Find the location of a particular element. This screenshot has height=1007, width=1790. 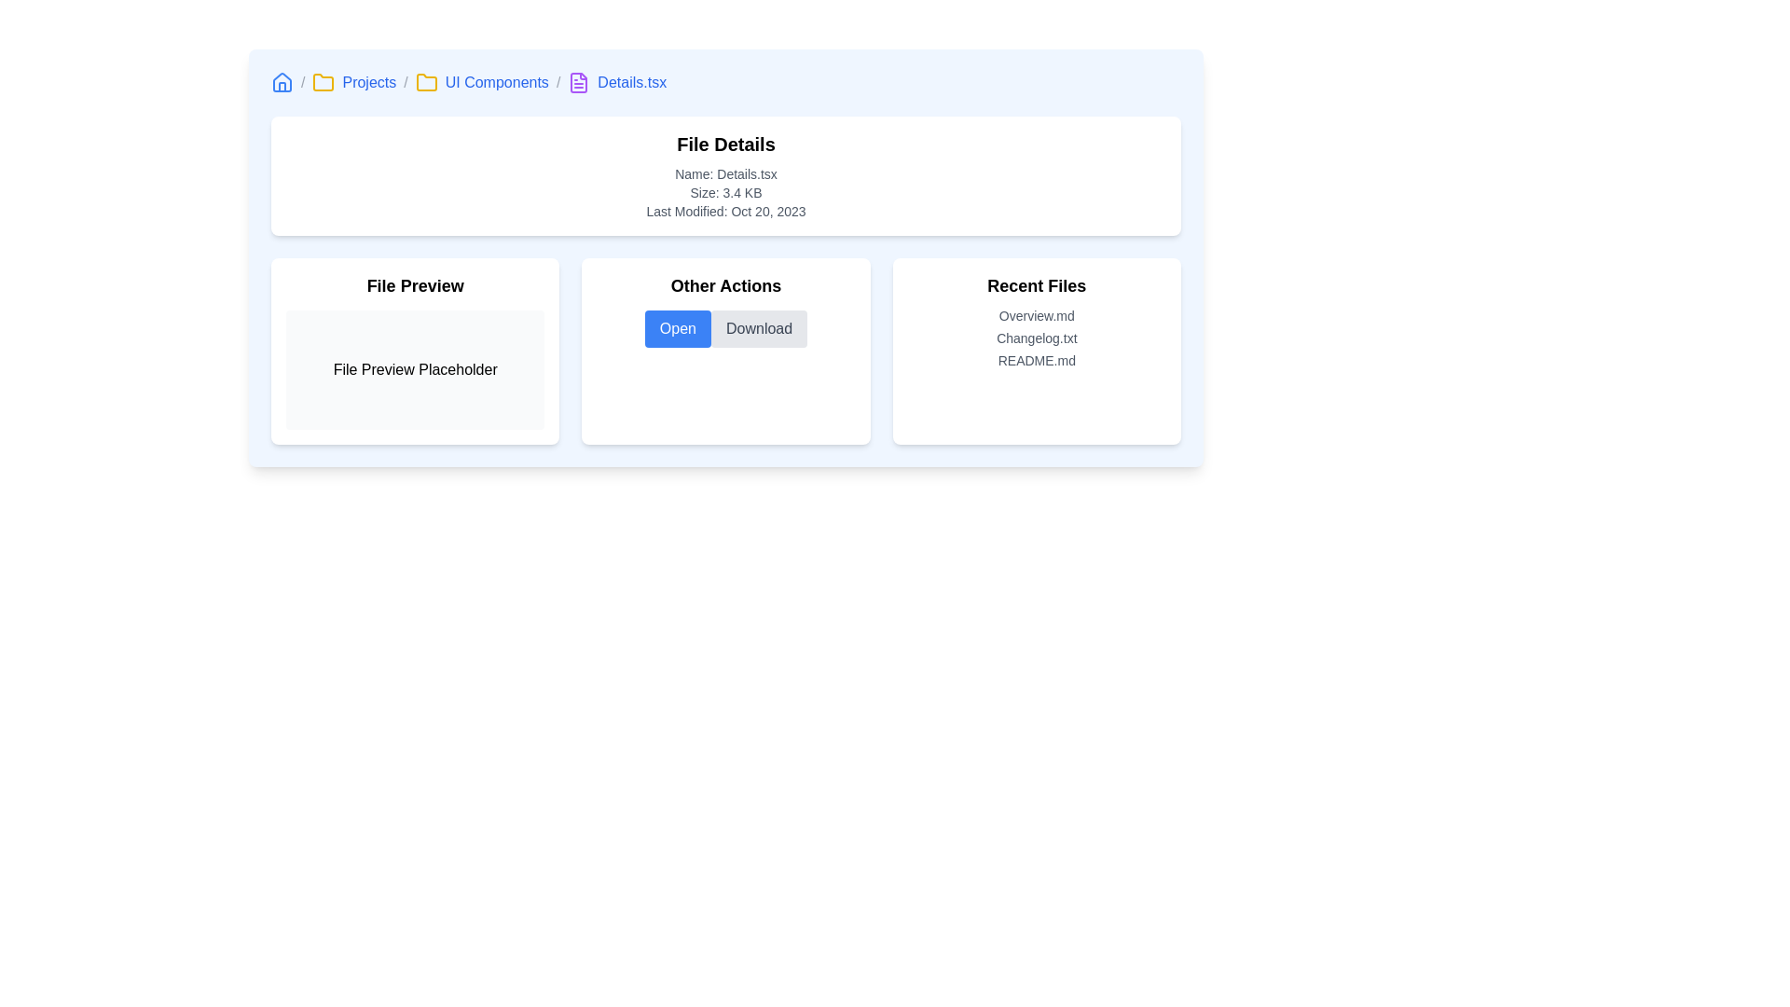

the text label displaying 'Details.tsx' within the breadcrumb navigation structure at the top-center of the interface is located at coordinates (632, 81).